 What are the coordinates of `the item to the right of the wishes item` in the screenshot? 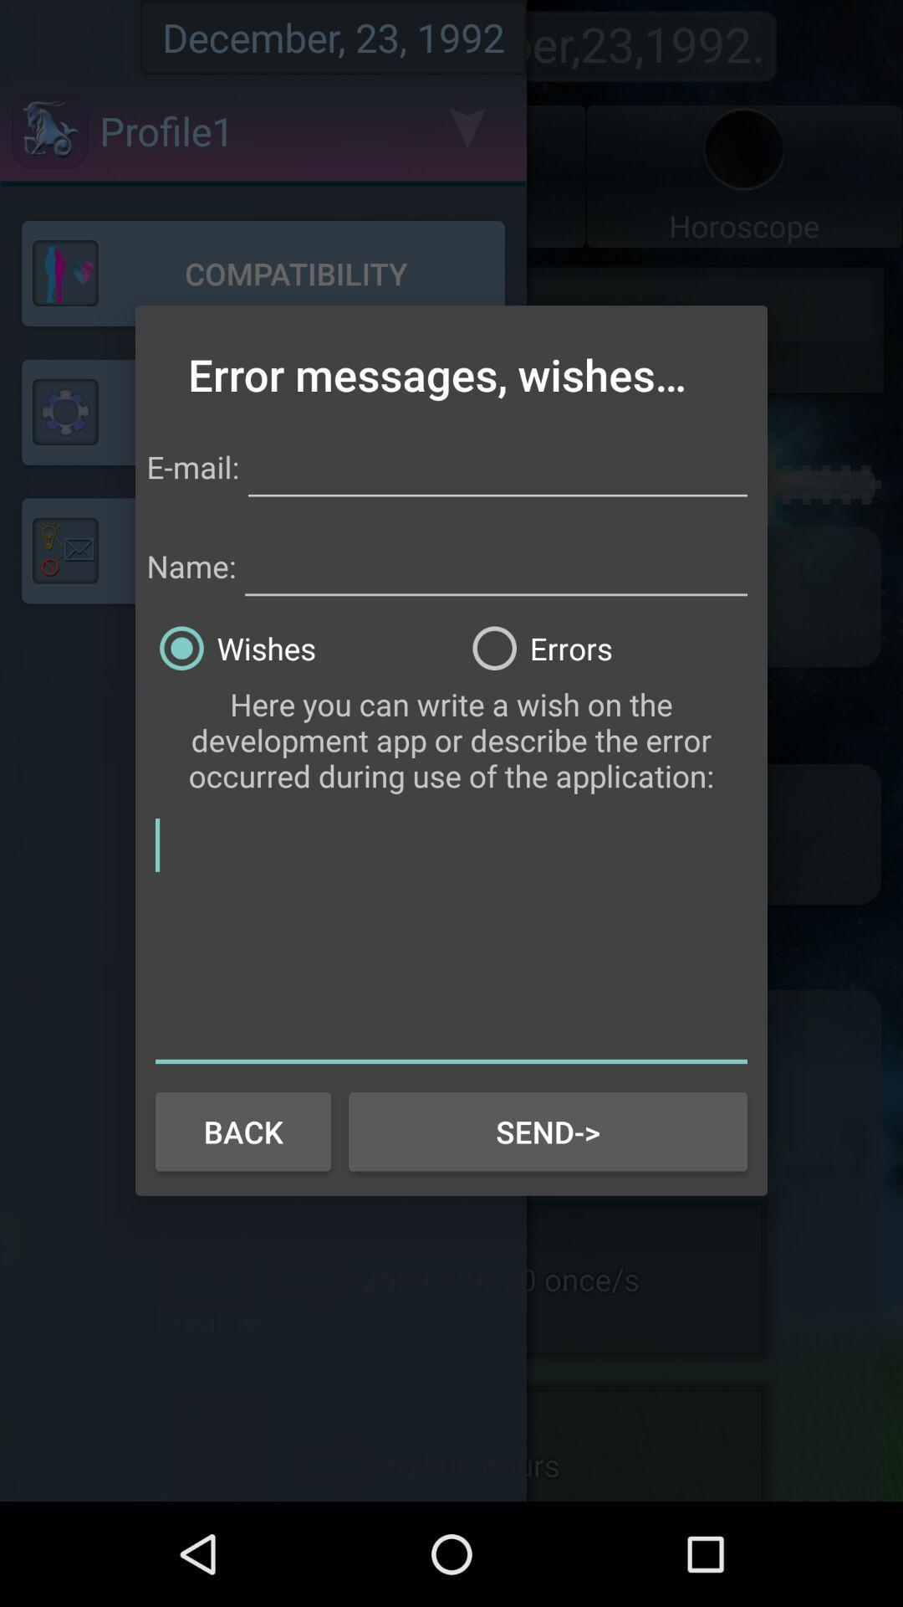 It's located at (608, 647).